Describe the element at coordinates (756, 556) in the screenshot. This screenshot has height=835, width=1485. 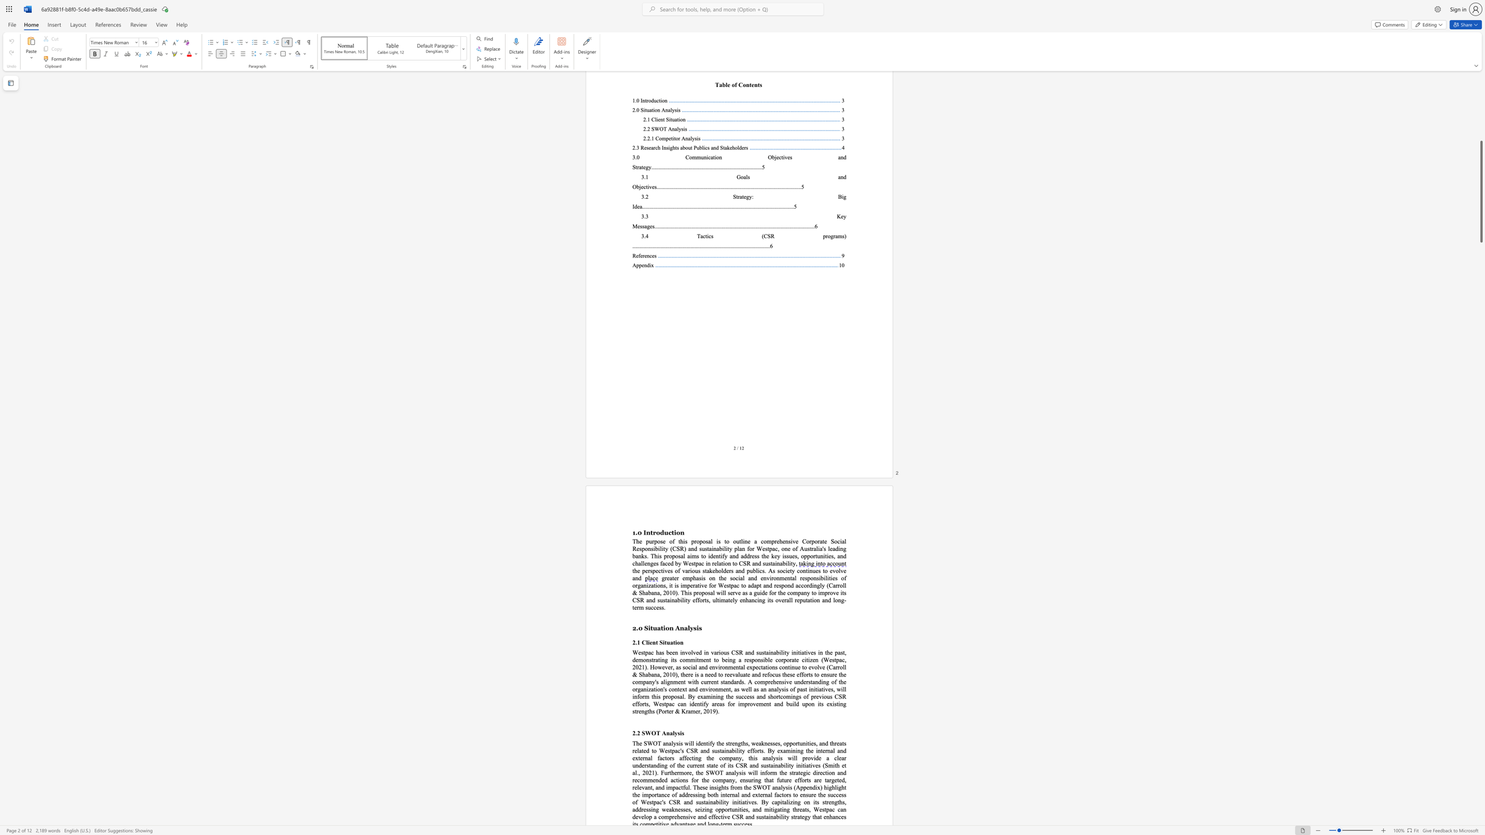
I see `the subset text "s the key issues, opportunities, and challenges faced by Westpac in relation" within the text "and address the key issues, opportunities, and challenges faced by Westpac in relation to CSR and sustainability,"` at that location.